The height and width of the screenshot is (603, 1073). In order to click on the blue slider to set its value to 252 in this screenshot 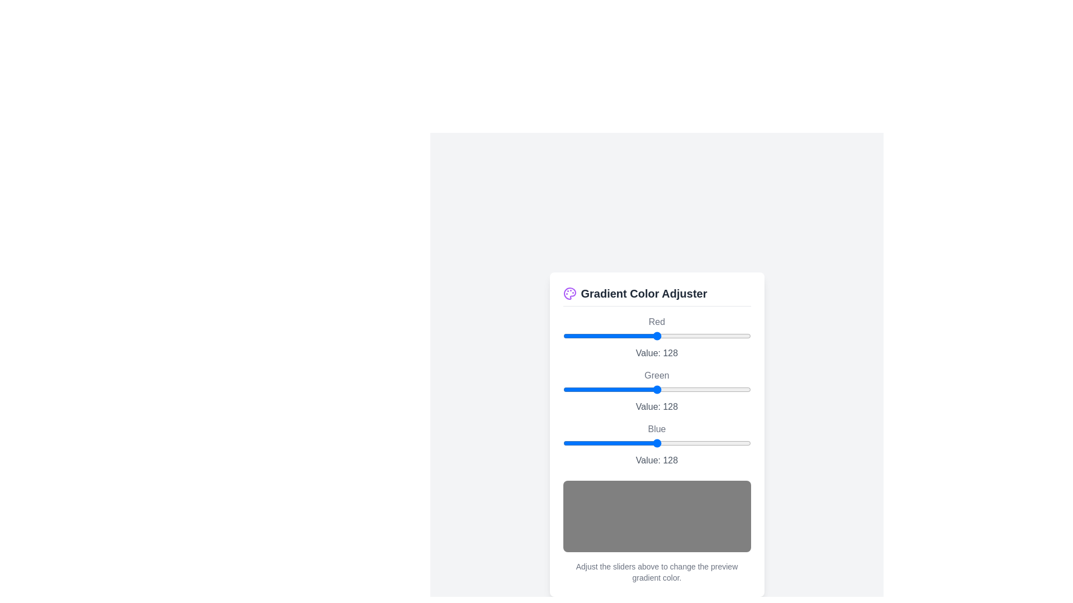, I will do `click(748, 442)`.